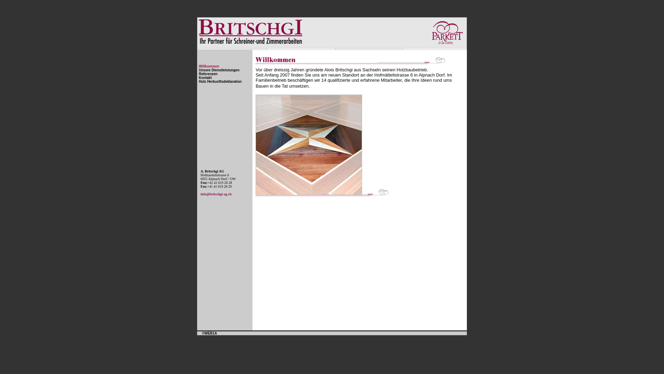 This screenshot has height=374, width=664. Describe the element at coordinates (199, 66) in the screenshot. I see `'Willkommen'` at that location.